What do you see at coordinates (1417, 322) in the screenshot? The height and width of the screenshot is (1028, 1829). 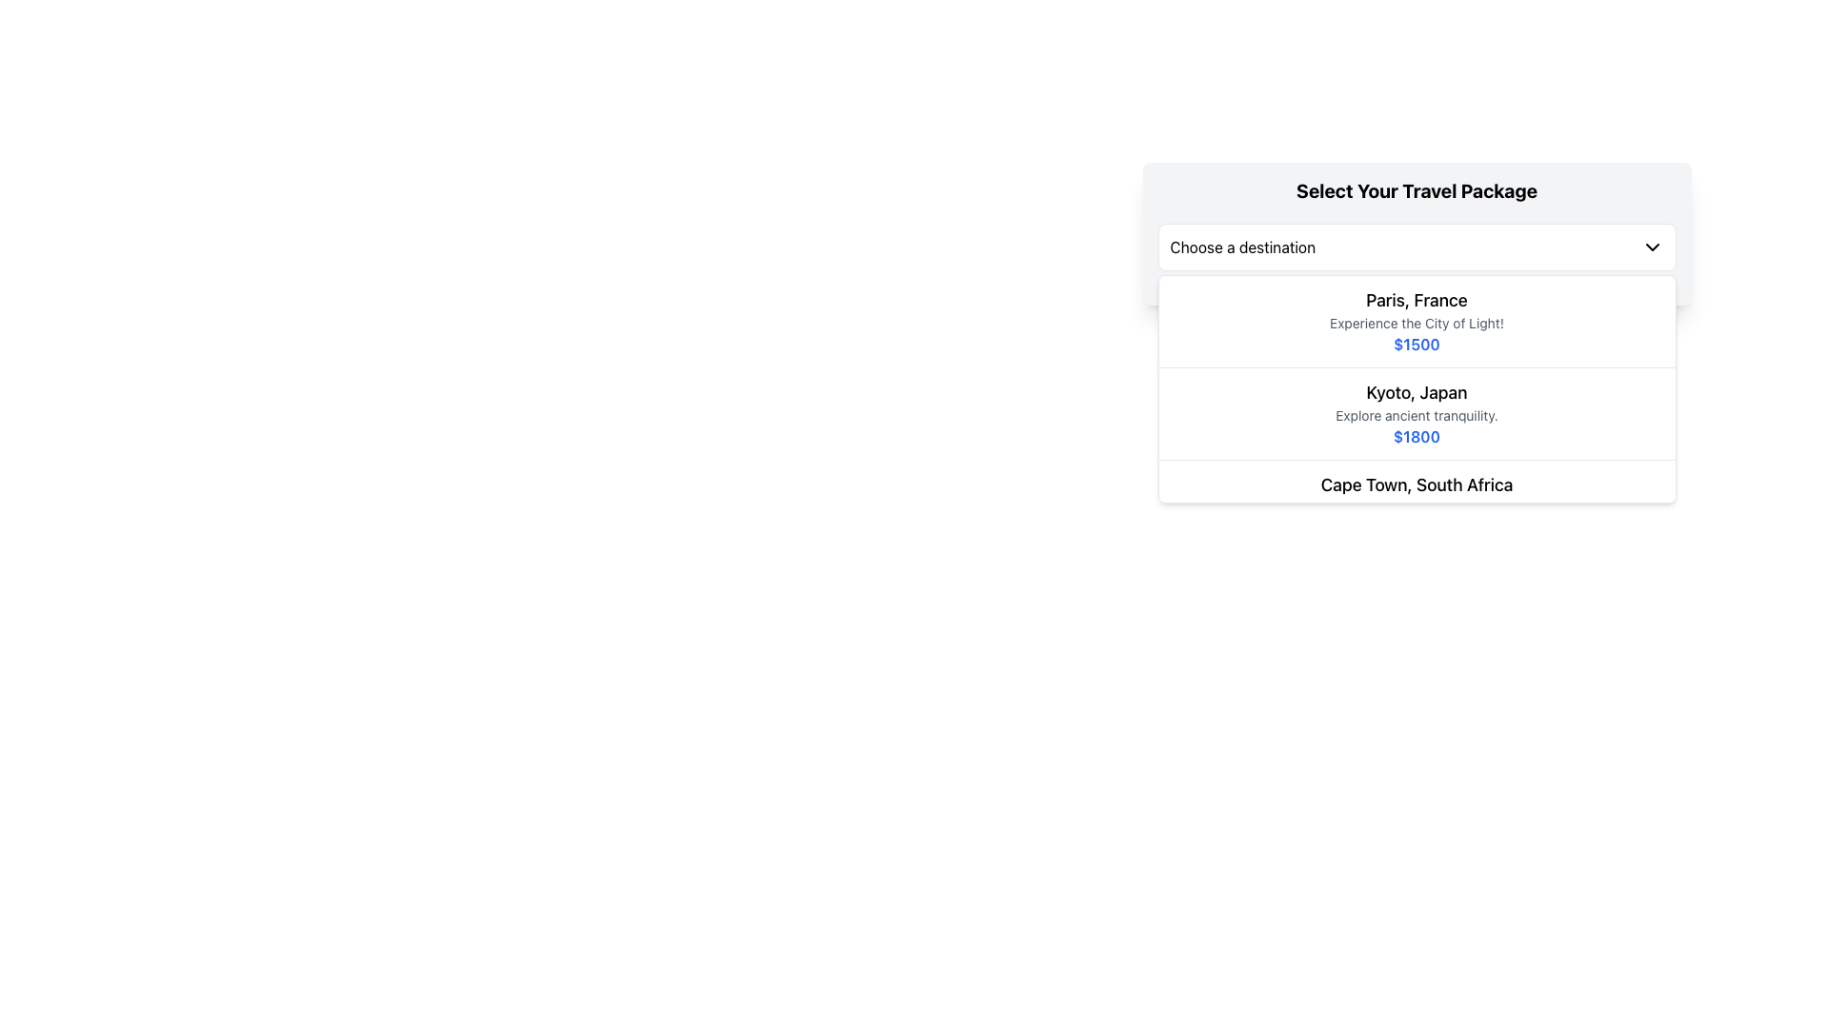 I see `informational text label describing the travel package for 'Paris, France', emphasizing its experience as the 'City of Light'` at bounding box center [1417, 322].